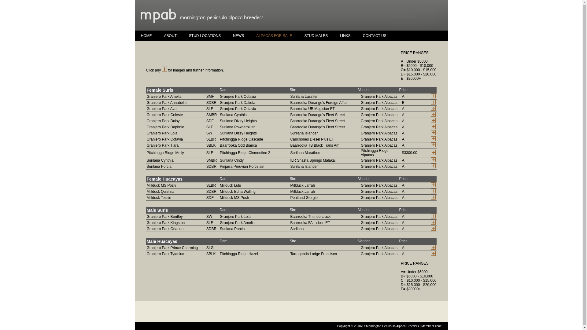 This screenshot has height=330, width=587. I want to click on 'LINKS', so click(333, 35).